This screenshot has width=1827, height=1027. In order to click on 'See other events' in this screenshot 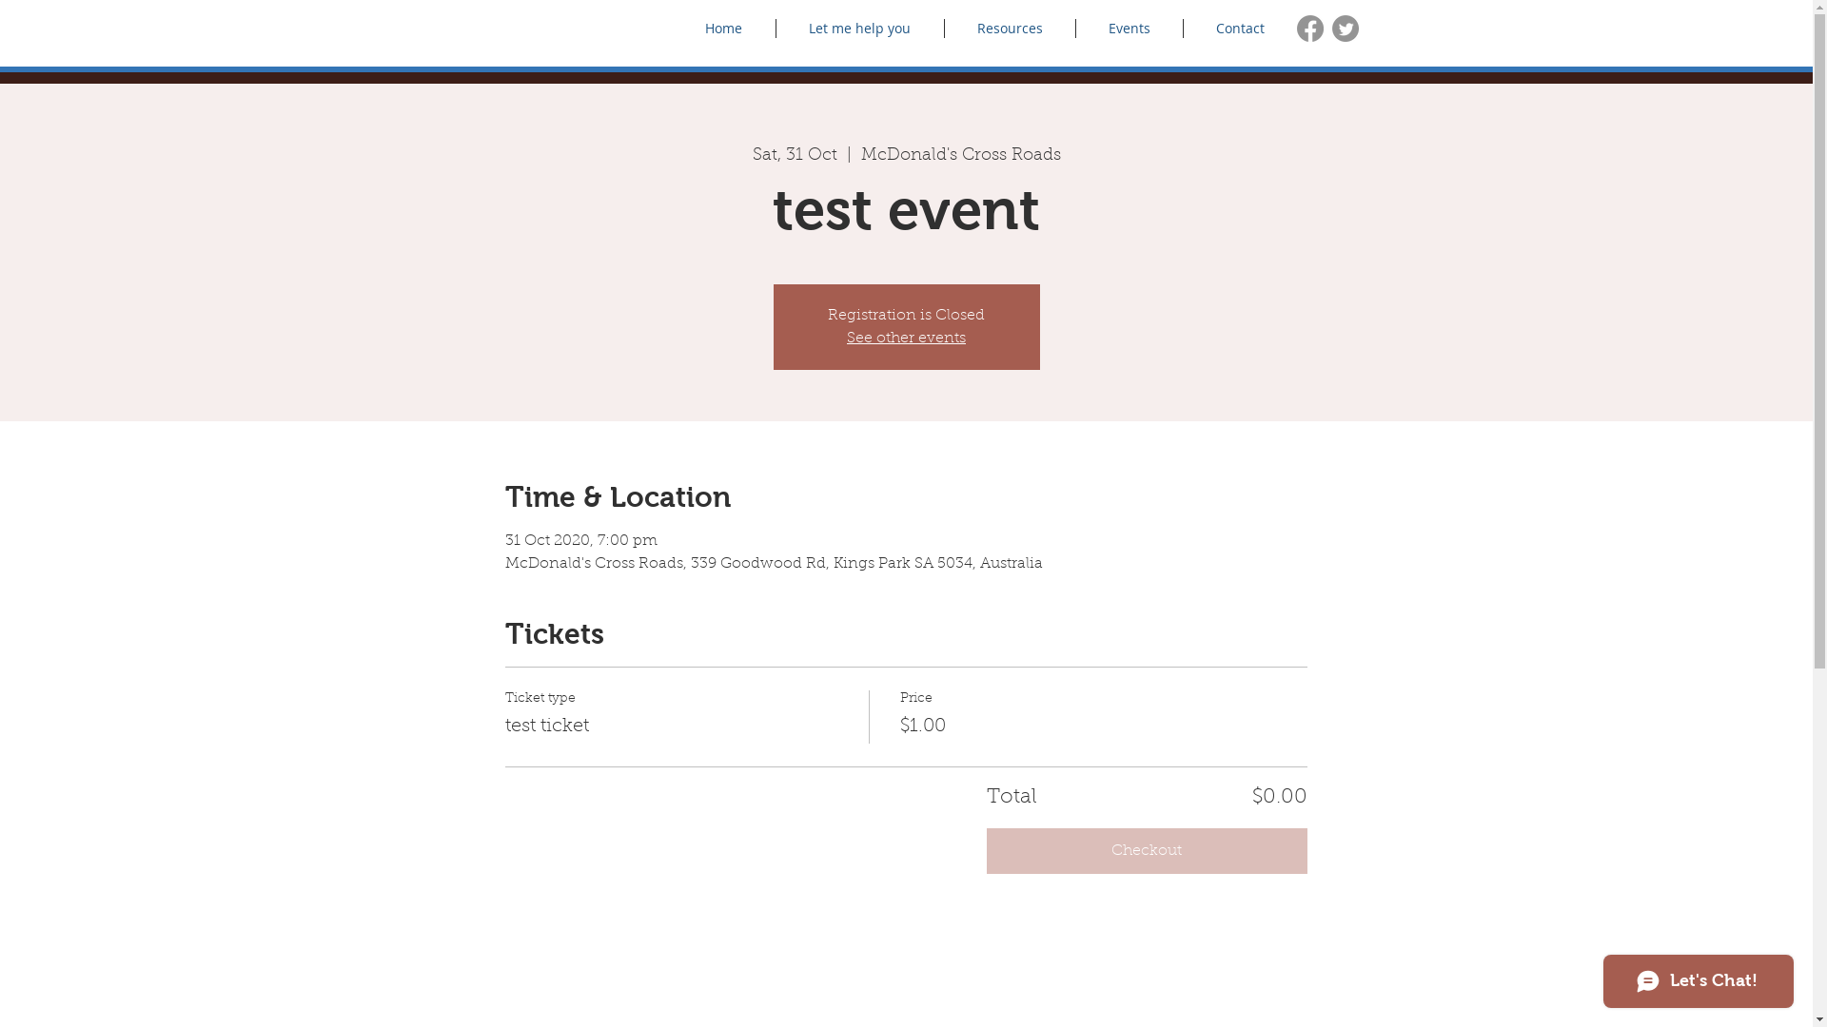, I will do `click(905, 337)`.